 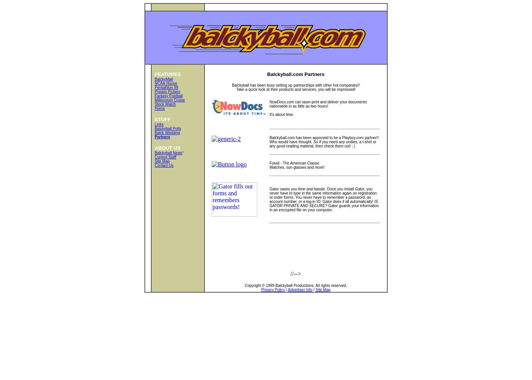 I want to click on 'Privacy Policy', so click(x=273, y=290).